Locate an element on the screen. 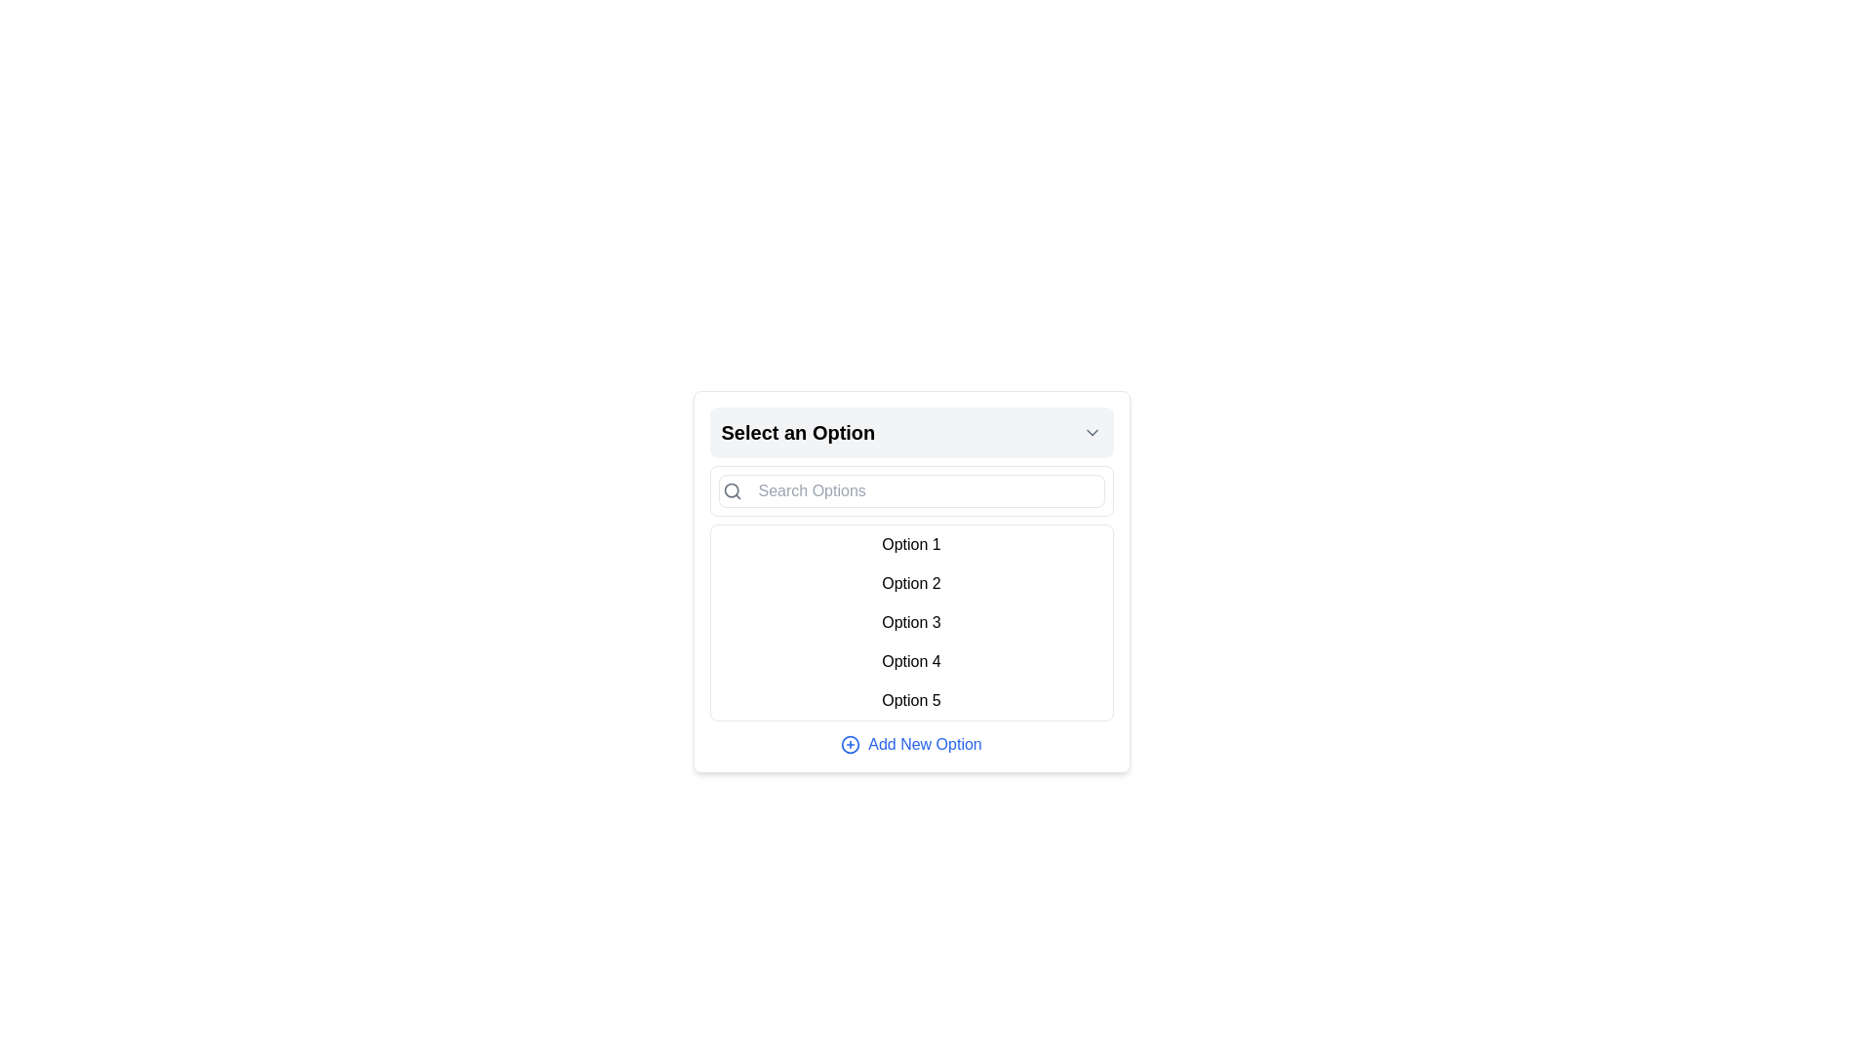 This screenshot has height=1053, width=1873. the circular element representing the 'Add New Option' icon located near the bottom of the dropdown interface is located at coordinates (851, 744).